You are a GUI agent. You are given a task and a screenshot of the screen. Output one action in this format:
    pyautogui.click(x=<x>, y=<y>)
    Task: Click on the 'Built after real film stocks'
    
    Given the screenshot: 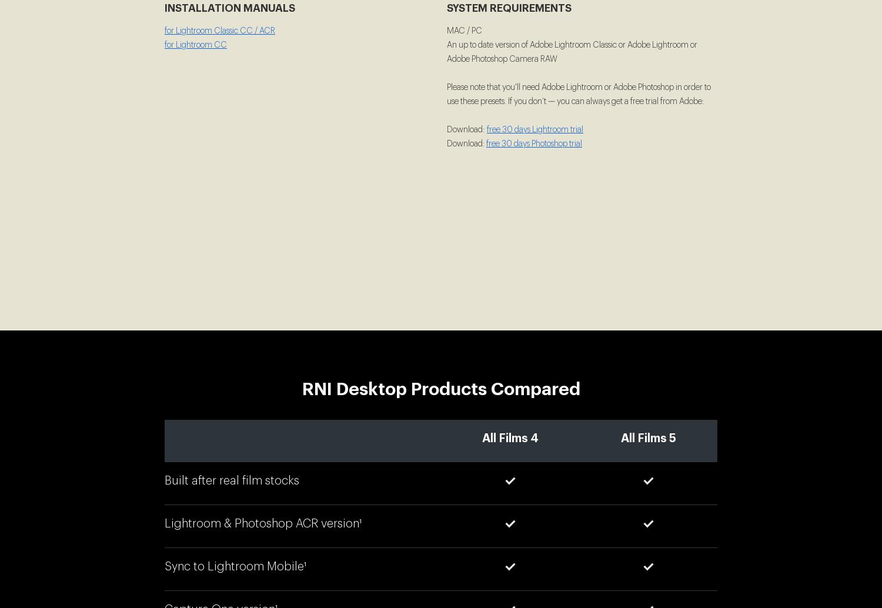 What is the action you would take?
    pyautogui.click(x=232, y=480)
    